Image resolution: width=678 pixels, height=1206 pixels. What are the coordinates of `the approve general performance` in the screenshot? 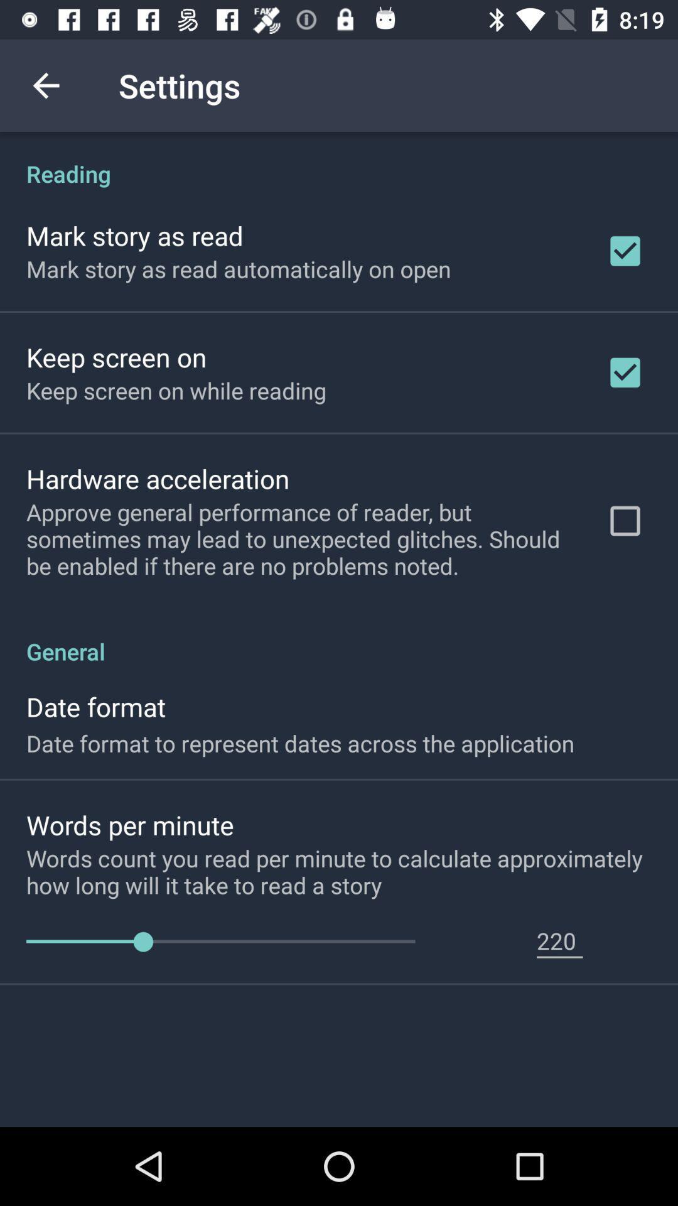 It's located at (299, 539).